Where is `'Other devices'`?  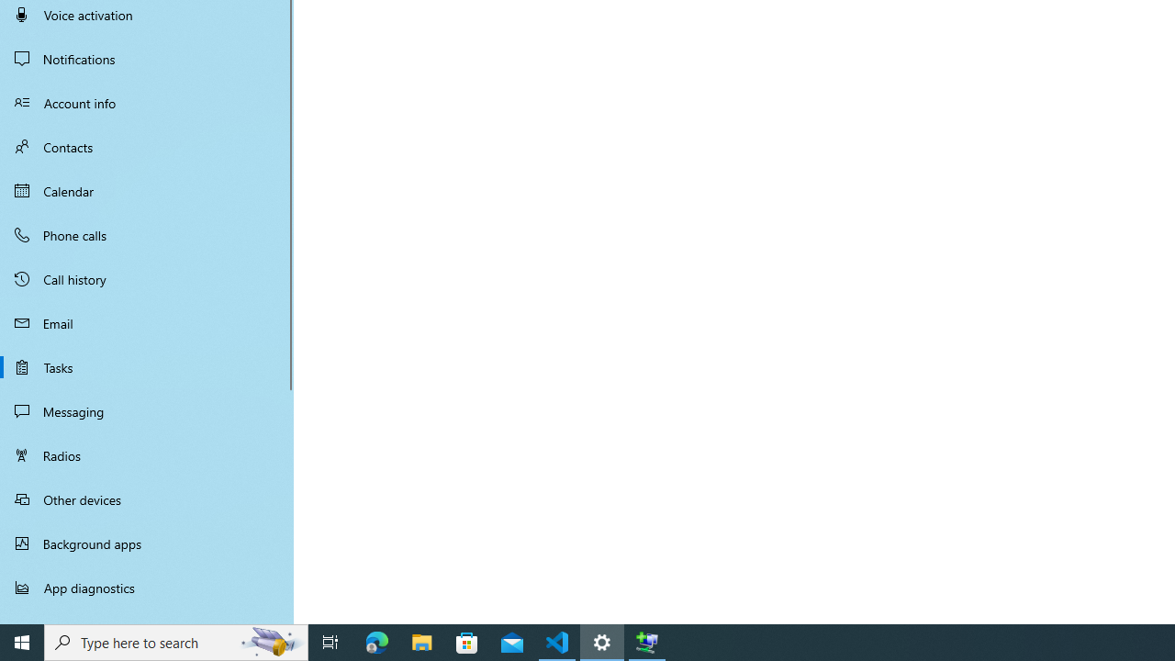
'Other devices' is located at coordinates (147, 499).